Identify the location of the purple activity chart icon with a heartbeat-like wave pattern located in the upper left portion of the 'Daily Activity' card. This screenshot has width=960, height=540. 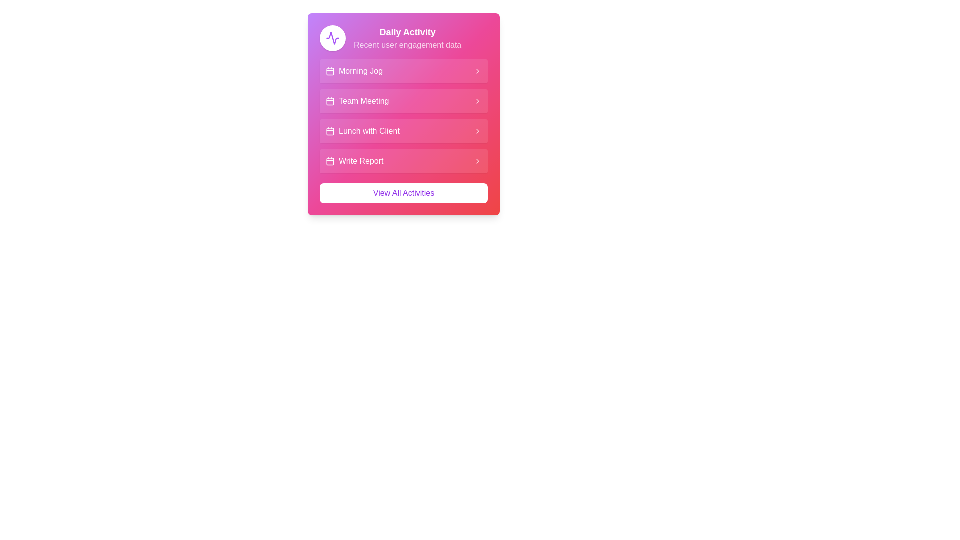
(333, 38).